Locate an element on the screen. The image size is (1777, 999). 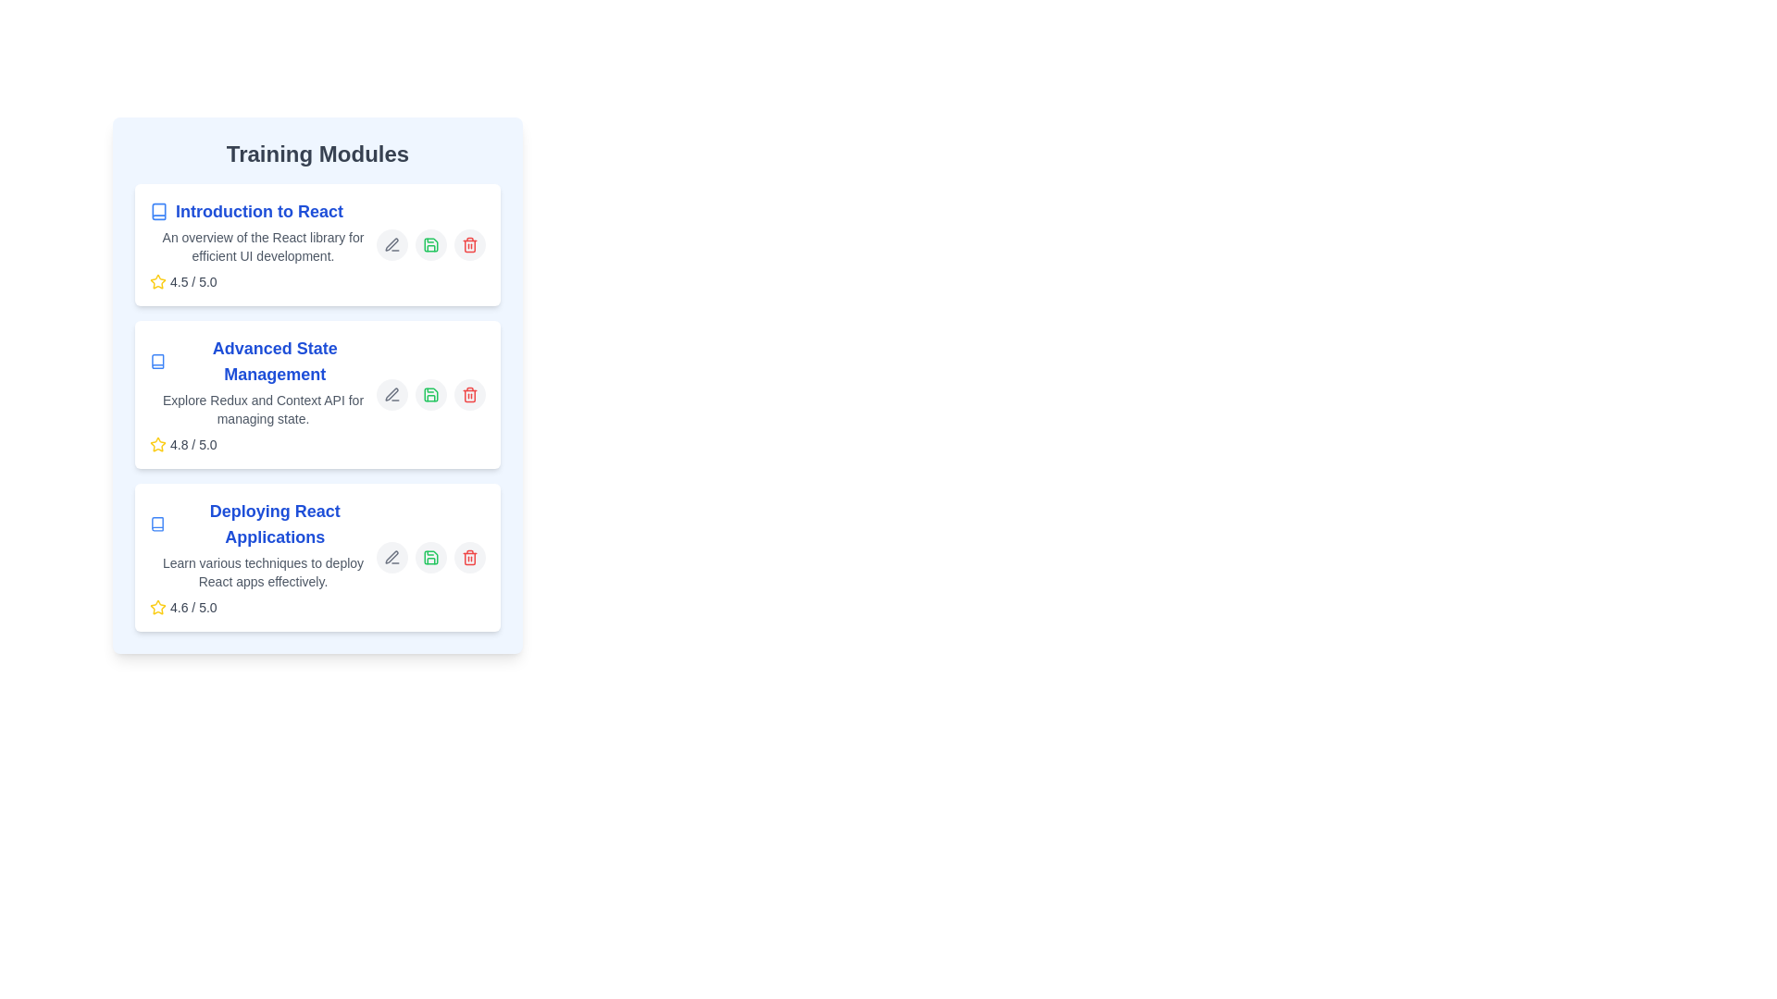
the gray pen icon button located to the right of the title and description of the 'Introduction to React' training module is located at coordinates (391, 244).